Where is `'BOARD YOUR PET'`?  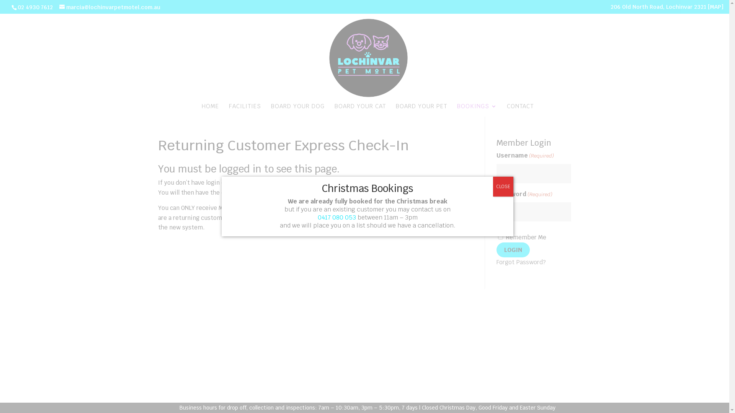 'BOARD YOUR PET' is located at coordinates (421, 110).